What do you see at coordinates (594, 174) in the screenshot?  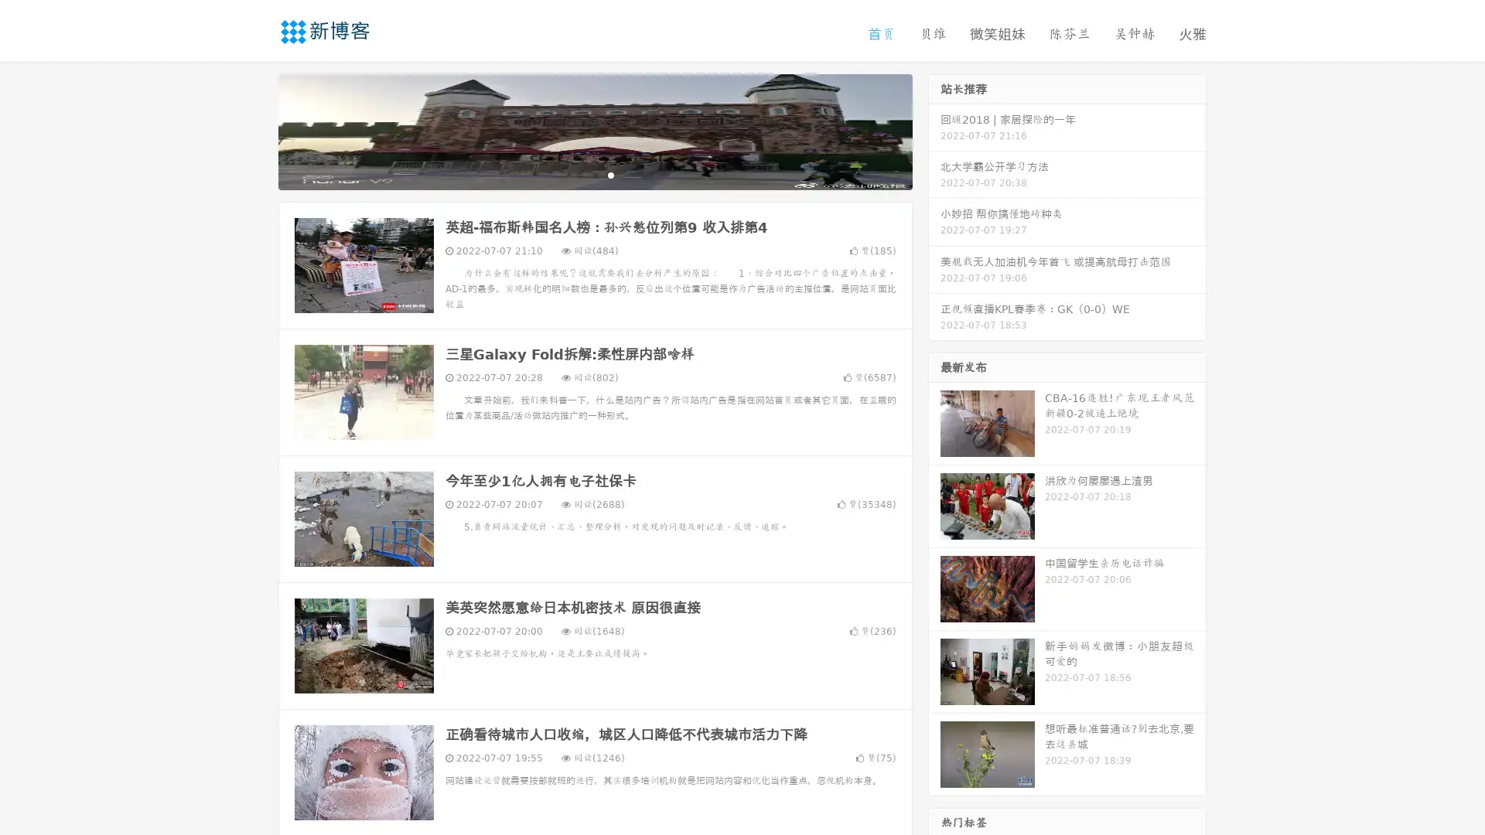 I see `Go to slide 2` at bounding box center [594, 174].